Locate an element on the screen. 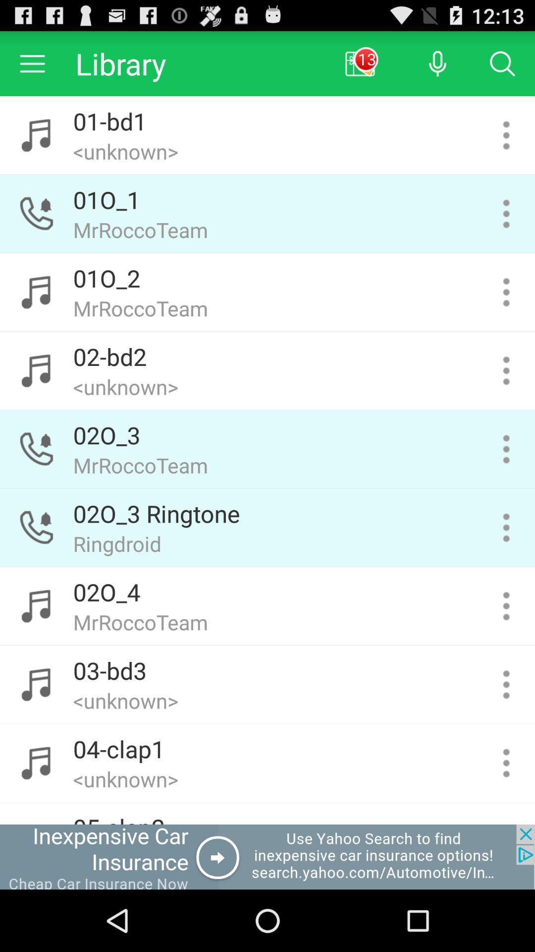 The height and width of the screenshot is (952, 535). page actions is located at coordinates (506, 292).